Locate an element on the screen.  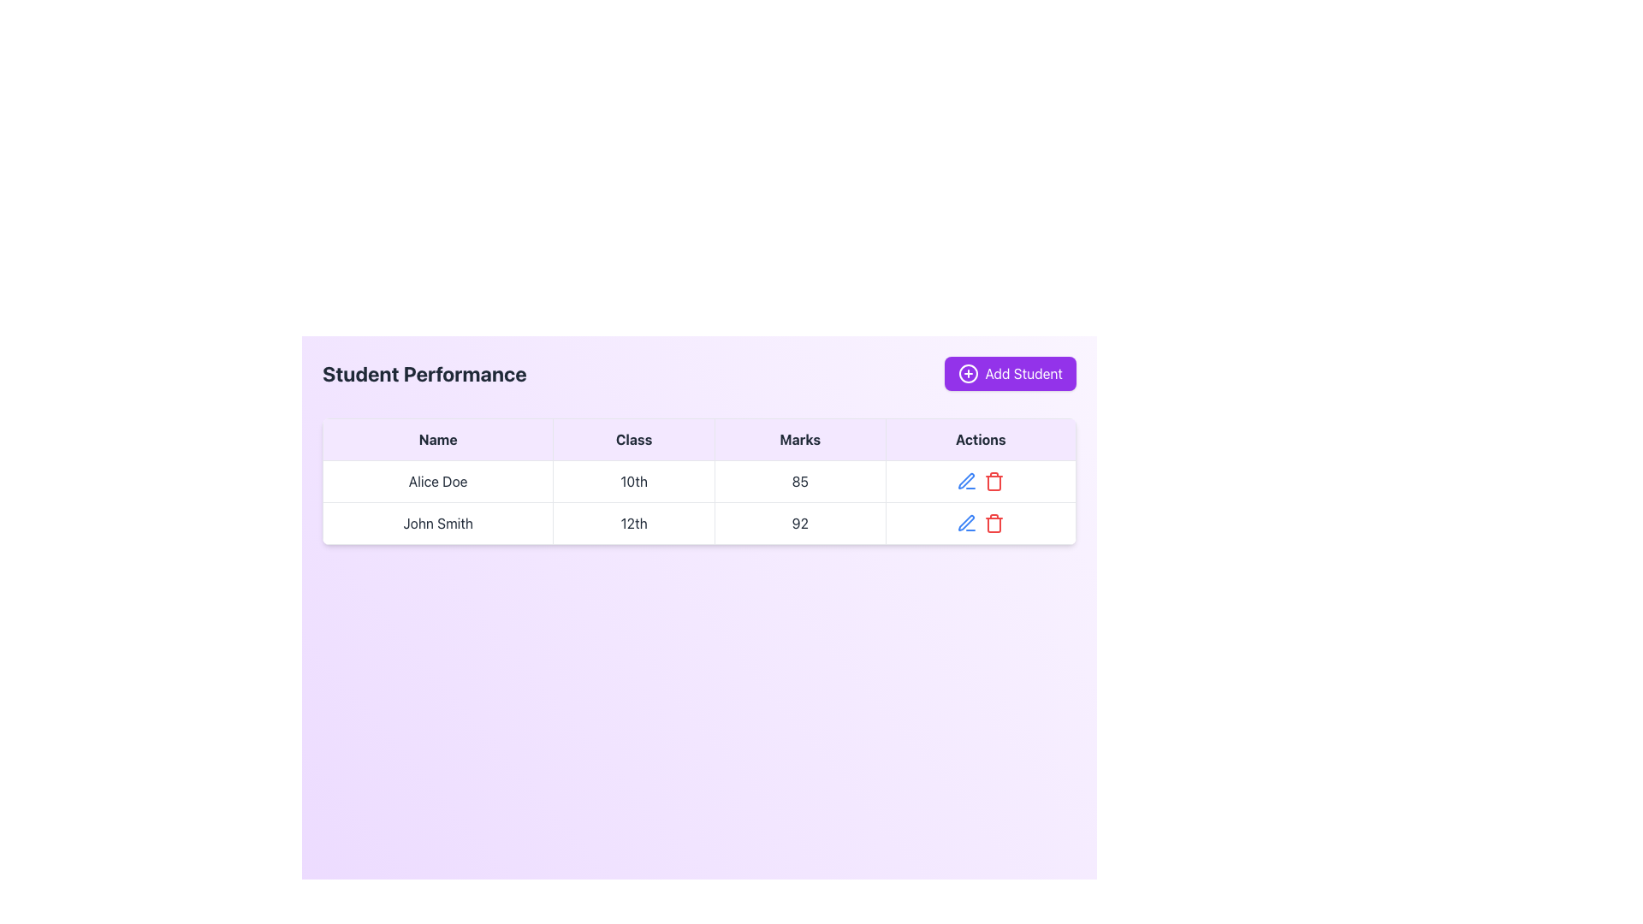
the blue pen icon in the 'Actions' column of the second row of the table is located at coordinates (967, 482).